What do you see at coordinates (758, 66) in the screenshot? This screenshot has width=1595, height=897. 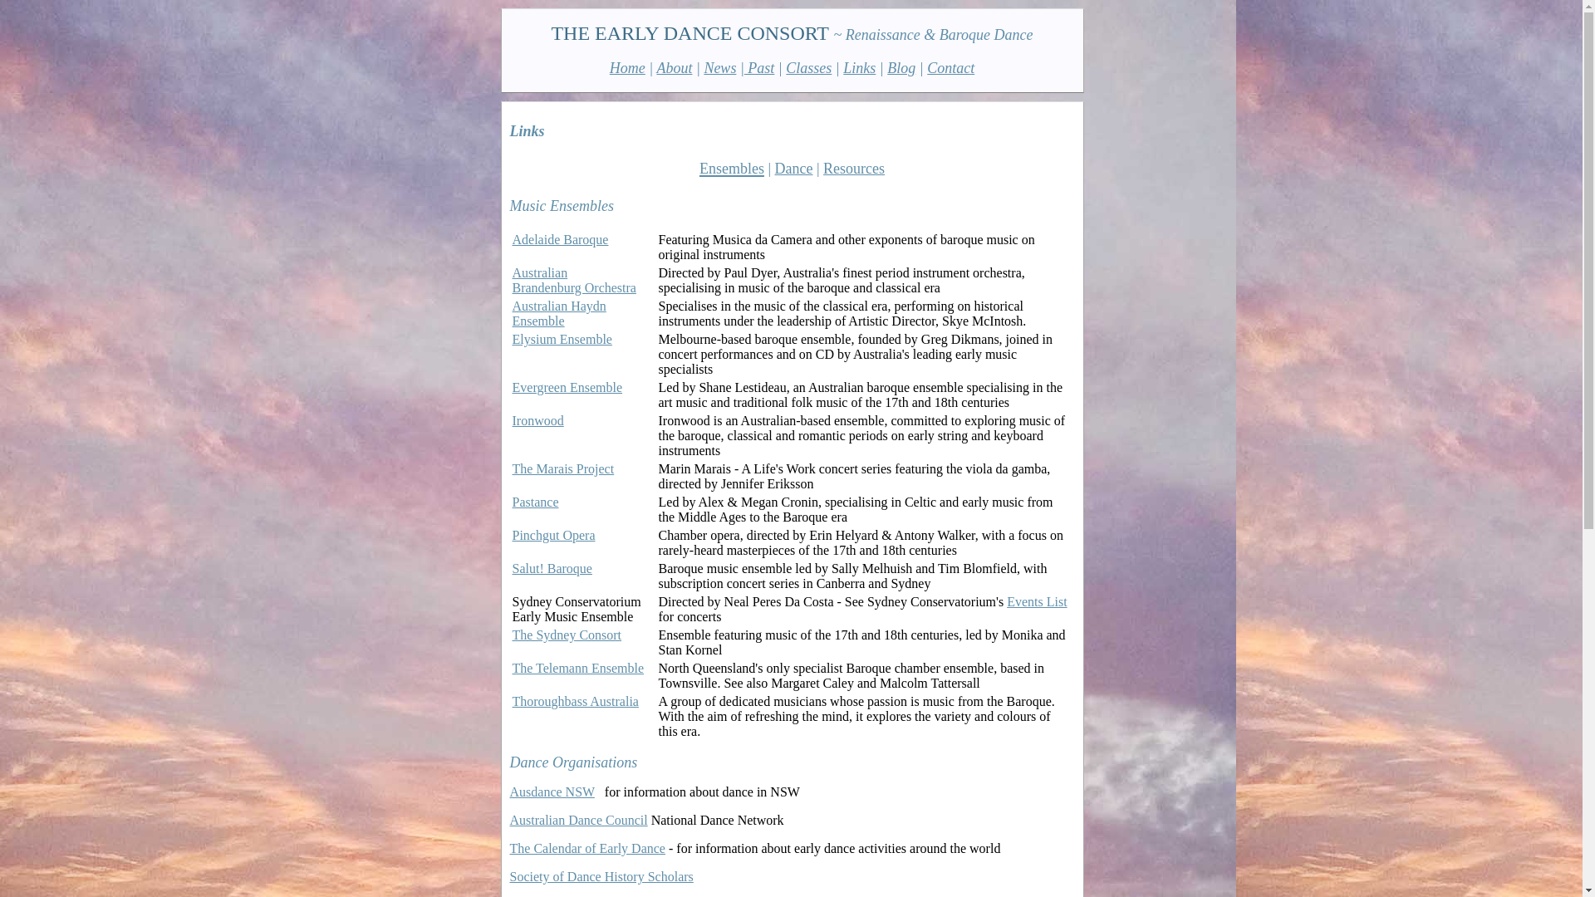 I see `'Past'` at bounding box center [758, 66].